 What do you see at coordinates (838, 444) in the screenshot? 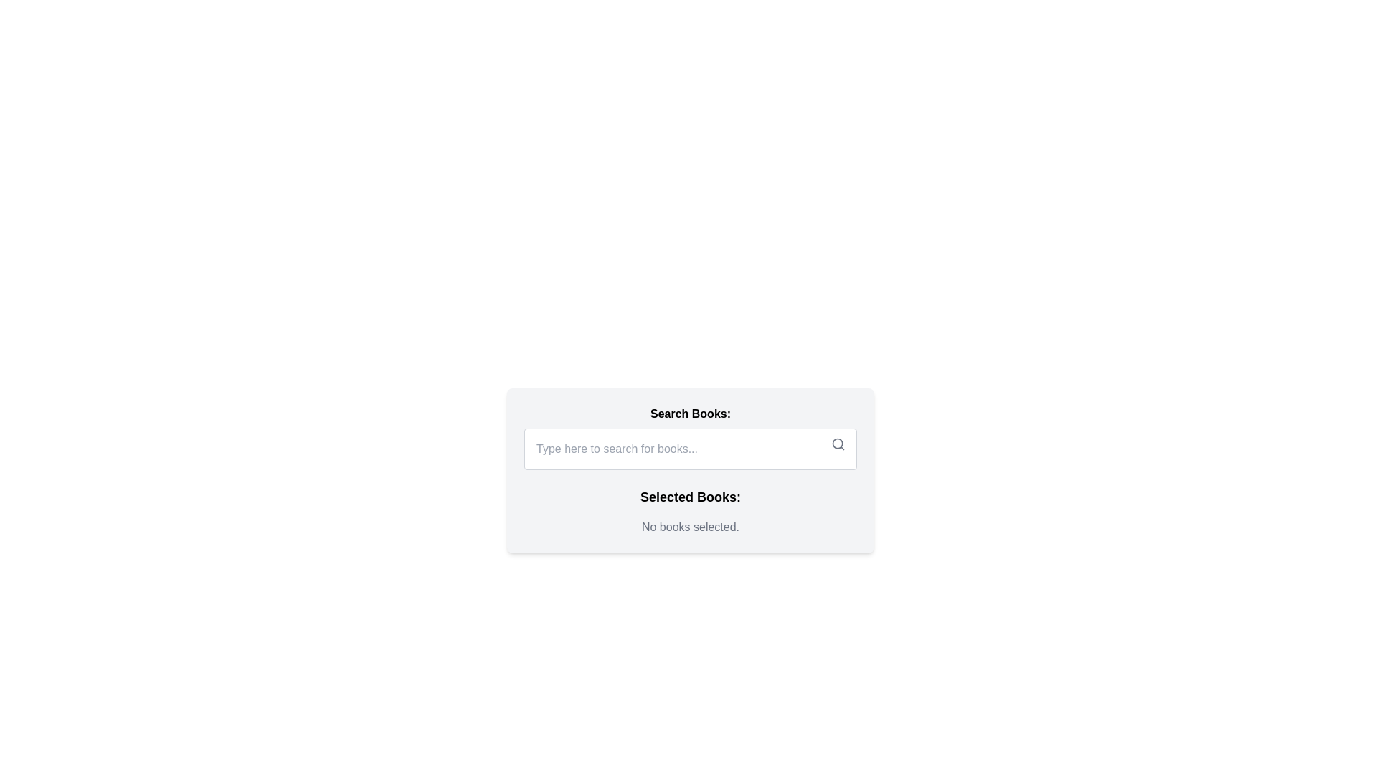
I see `the magnifying glass icon located in the top-right corner of the search bar` at bounding box center [838, 444].